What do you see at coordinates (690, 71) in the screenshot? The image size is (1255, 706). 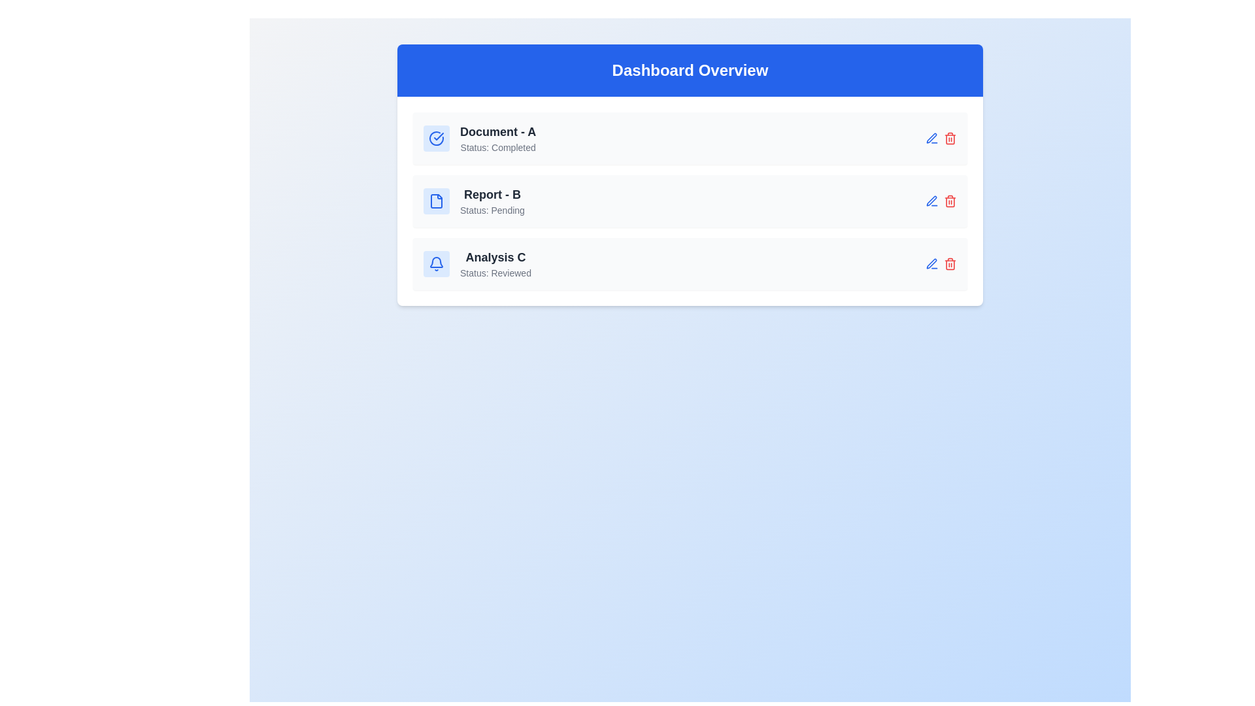 I see `the text label that serves as a title or heading, providing a concise summary or identifier for the surrounding interface located at the top of the main card or panel` at bounding box center [690, 71].